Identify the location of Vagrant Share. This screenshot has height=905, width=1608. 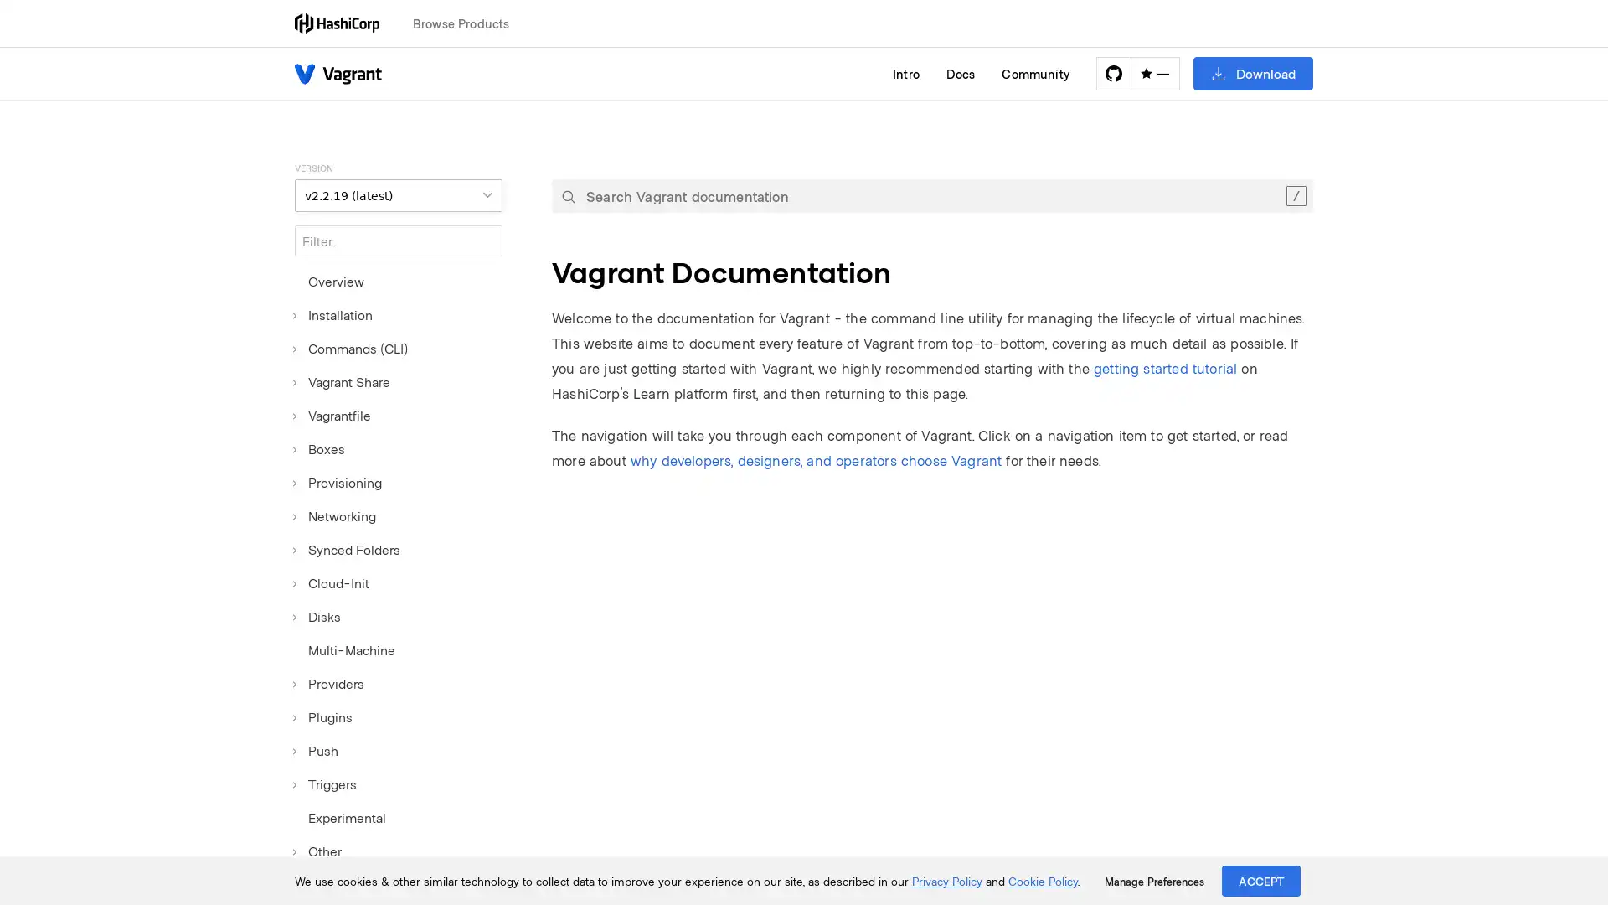
(341, 381).